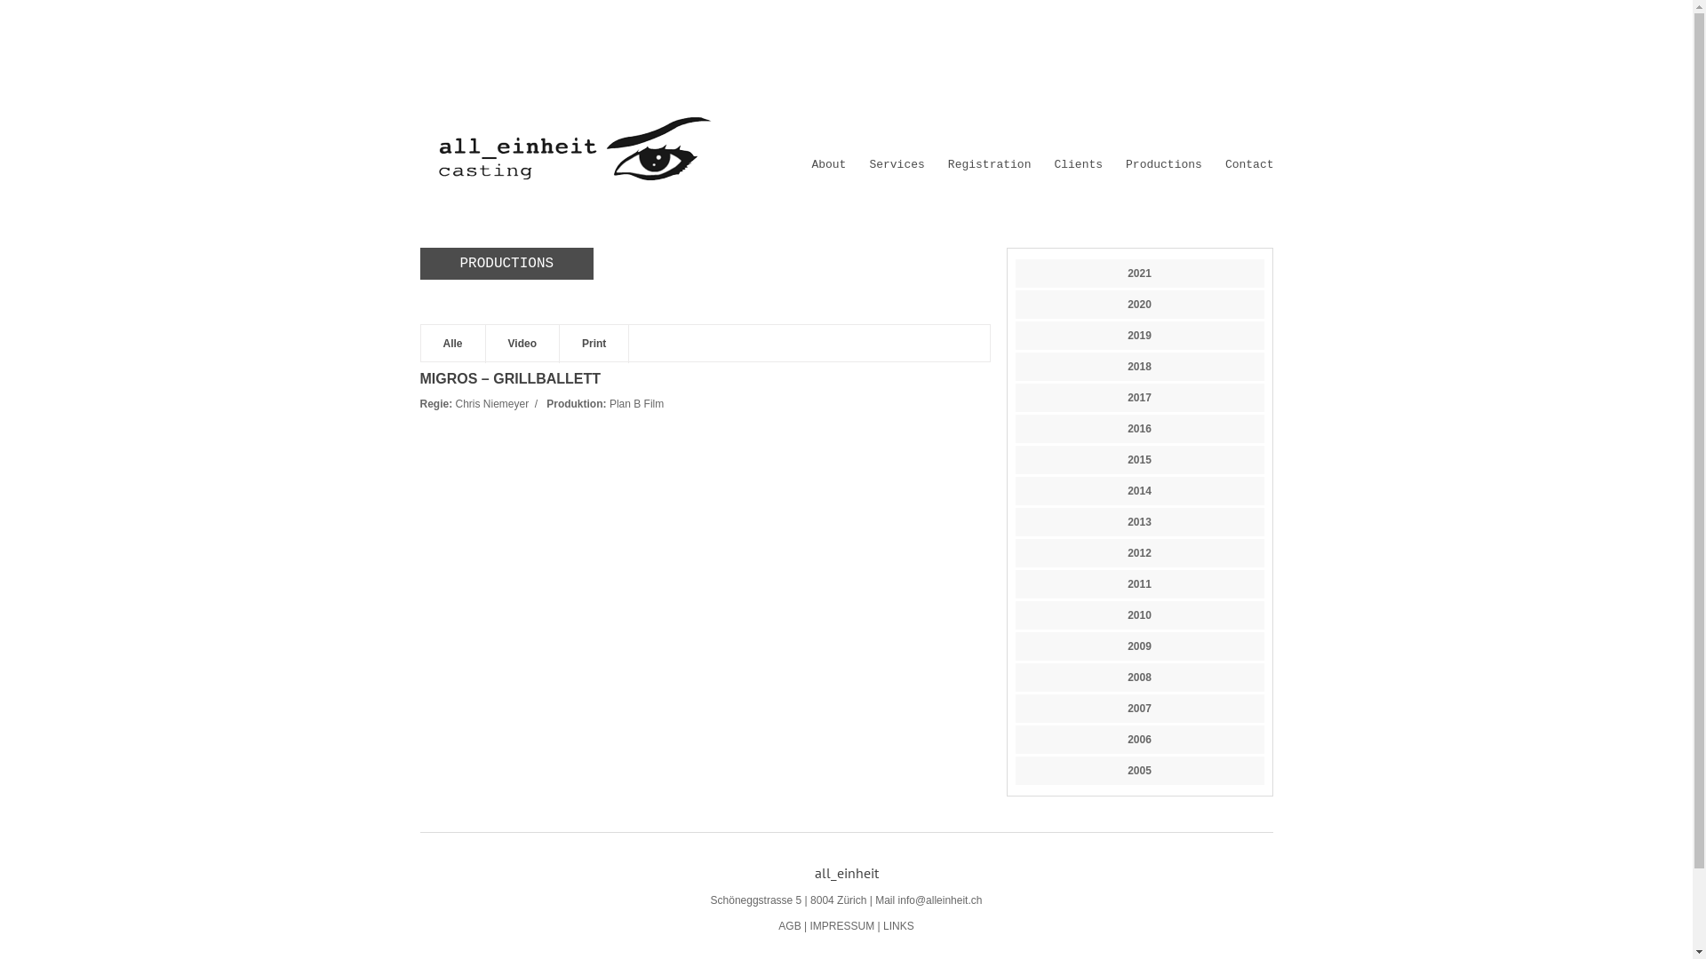  I want to click on '2014', so click(1139, 490).